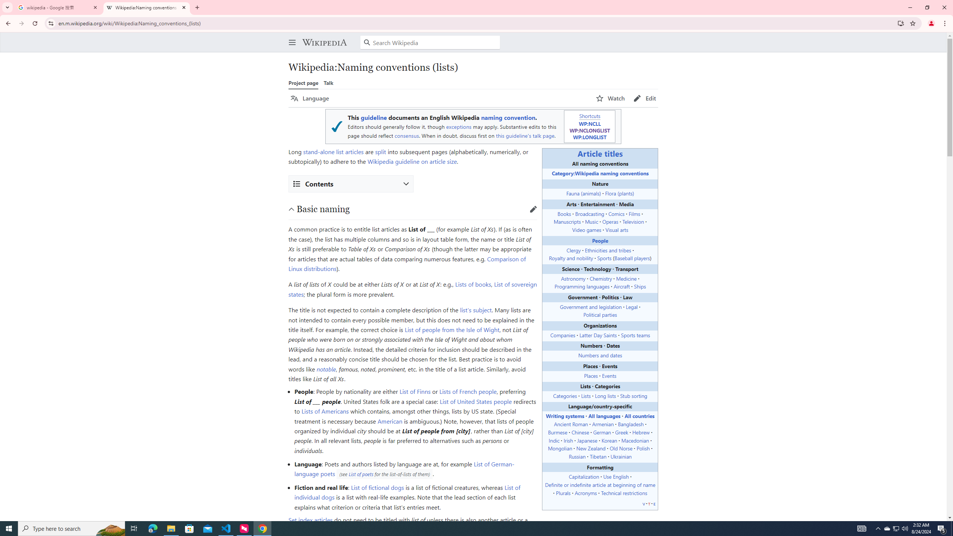 The image size is (953, 536). What do you see at coordinates (590, 375) in the screenshot?
I see `'Places'` at bounding box center [590, 375].